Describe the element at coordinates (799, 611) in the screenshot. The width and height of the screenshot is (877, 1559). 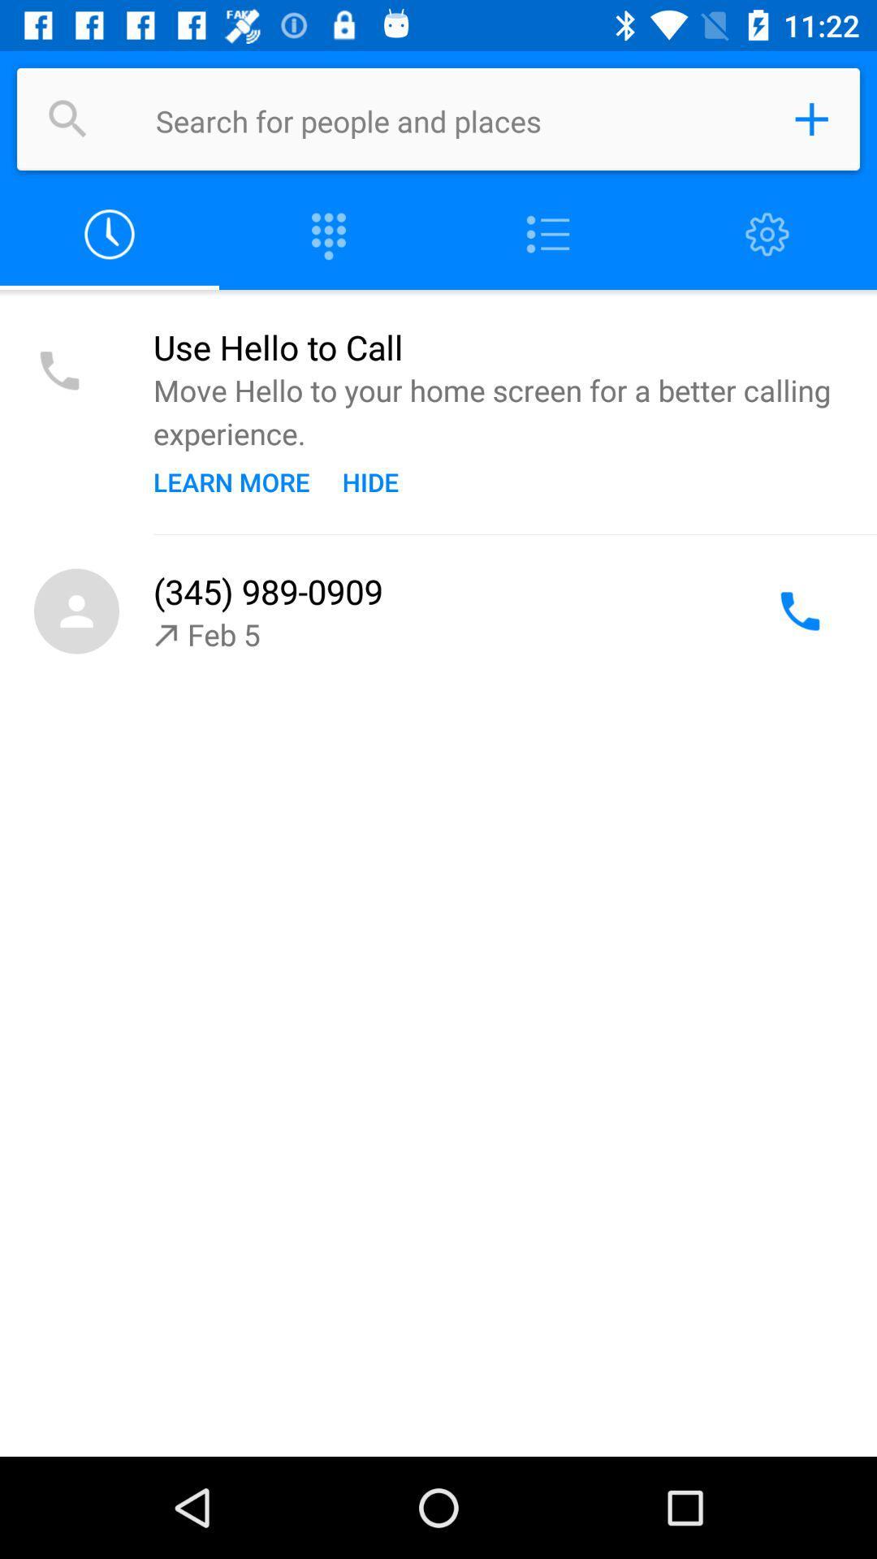
I see `button to call the number` at that location.